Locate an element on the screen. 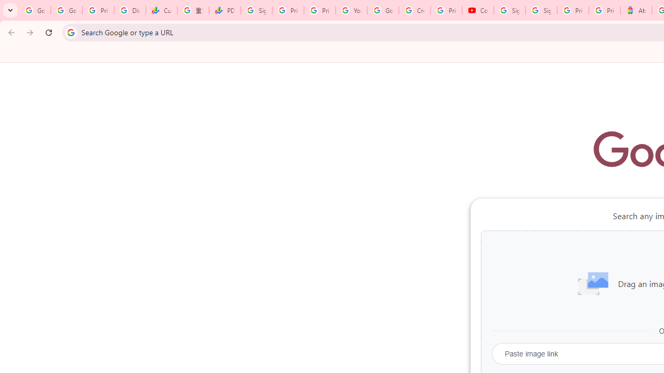 The height and width of the screenshot is (373, 664). 'Sign in - Google Accounts' is located at coordinates (509, 10).